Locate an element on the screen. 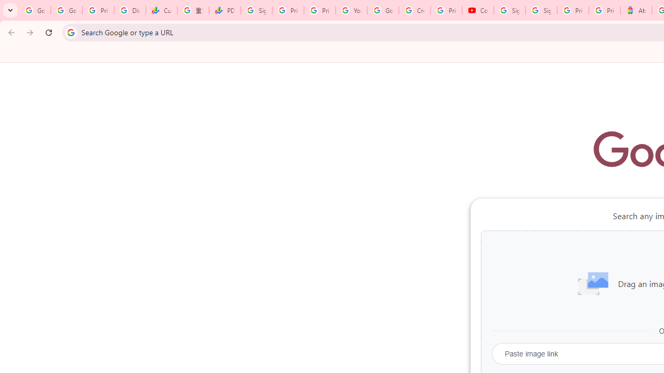 The height and width of the screenshot is (373, 664). 'Sign in - Google Accounts' is located at coordinates (509, 10).